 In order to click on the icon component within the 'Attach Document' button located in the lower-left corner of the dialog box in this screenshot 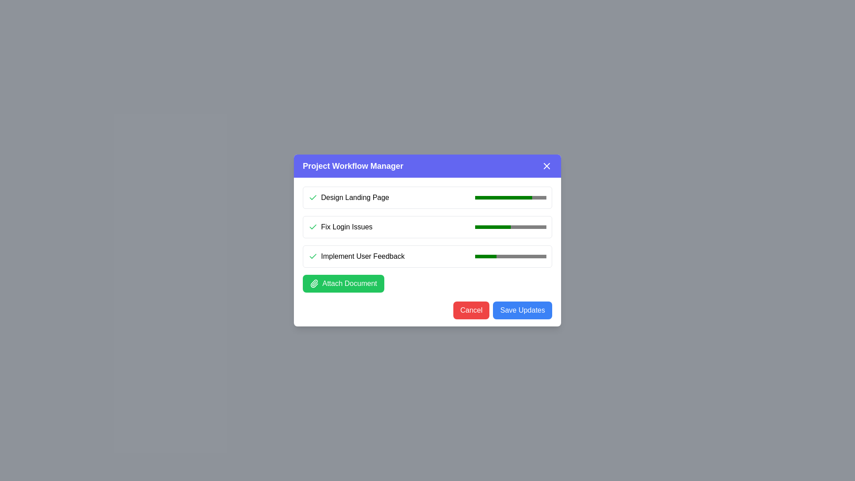, I will do `click(314, 283)`.